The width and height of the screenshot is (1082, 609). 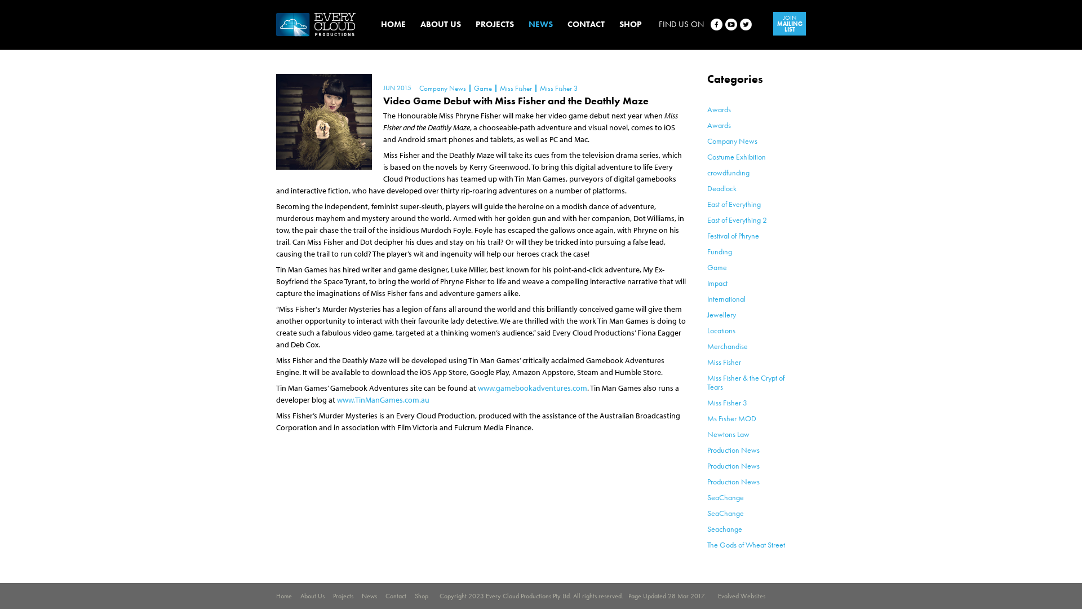 What do you see at coordinates (385, 595) in the screenshot?
I see `'Contact'` at bounding box center [385, 595].